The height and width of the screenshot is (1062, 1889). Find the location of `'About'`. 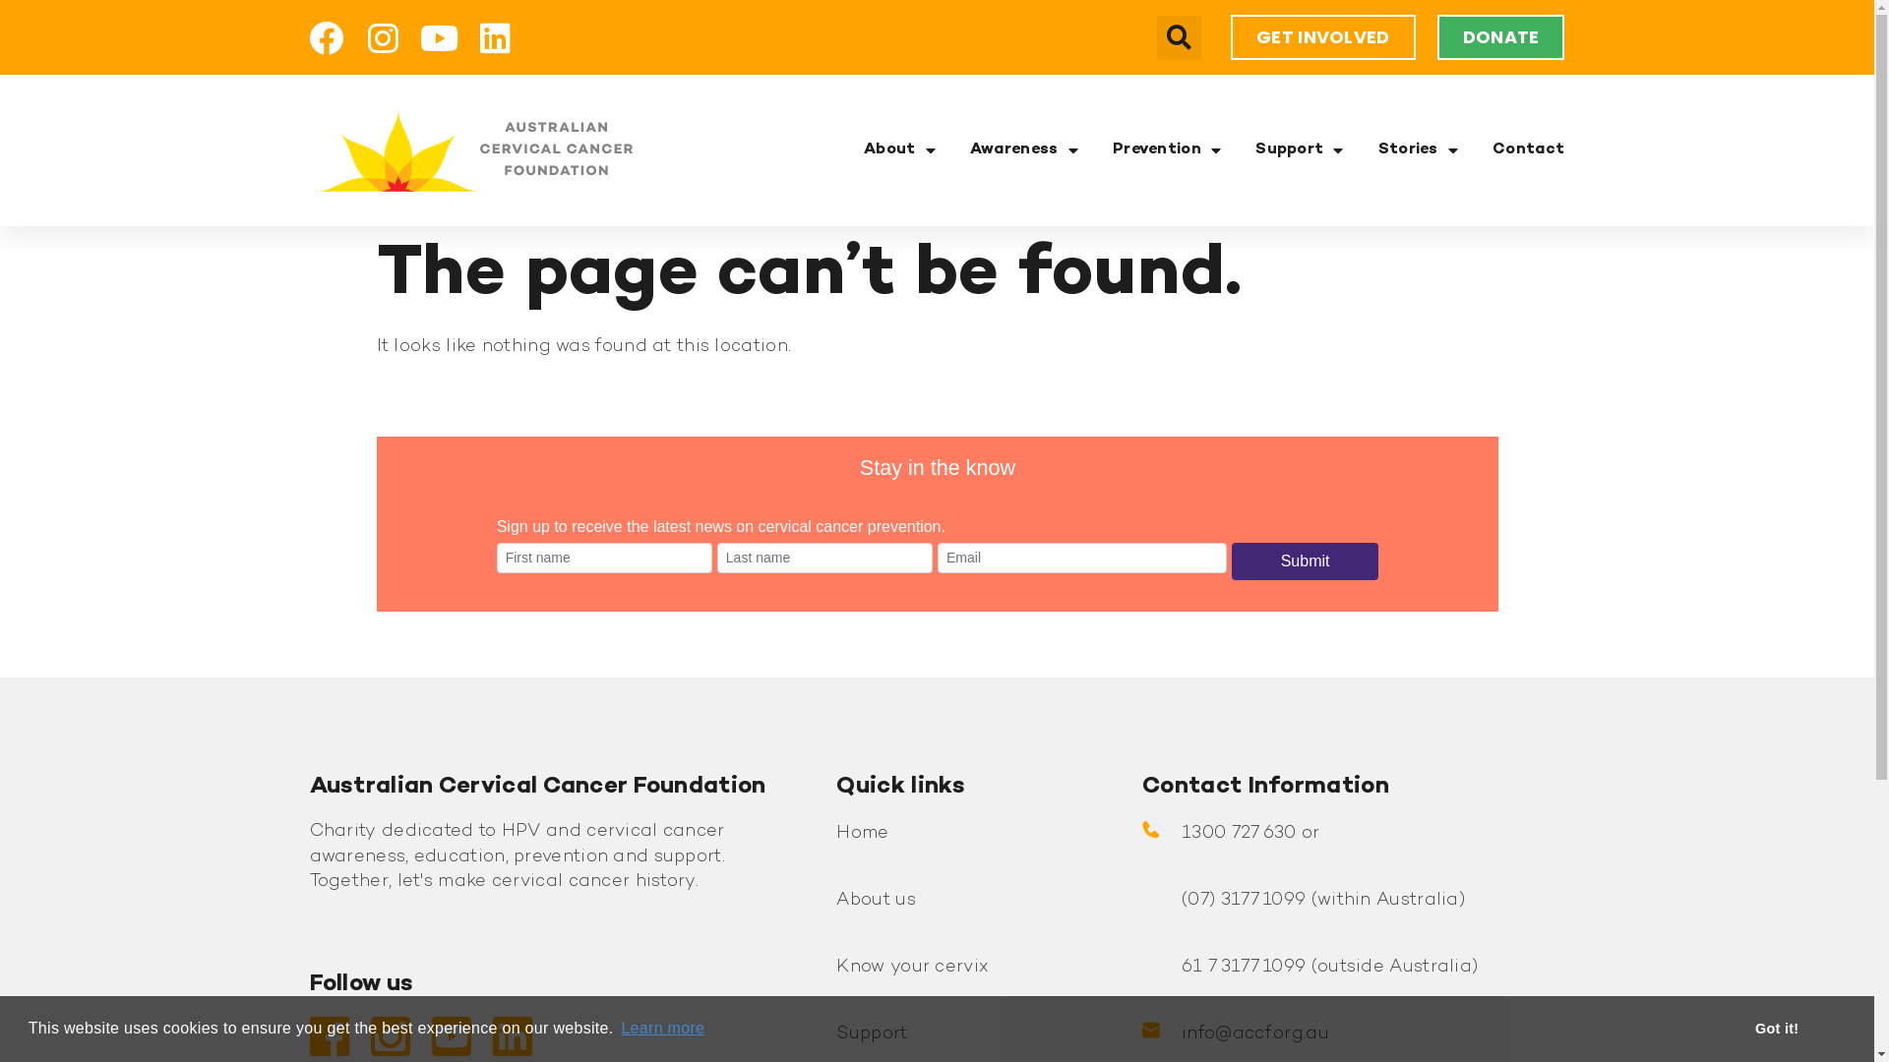

'About' is located at coordinates (898, 149).